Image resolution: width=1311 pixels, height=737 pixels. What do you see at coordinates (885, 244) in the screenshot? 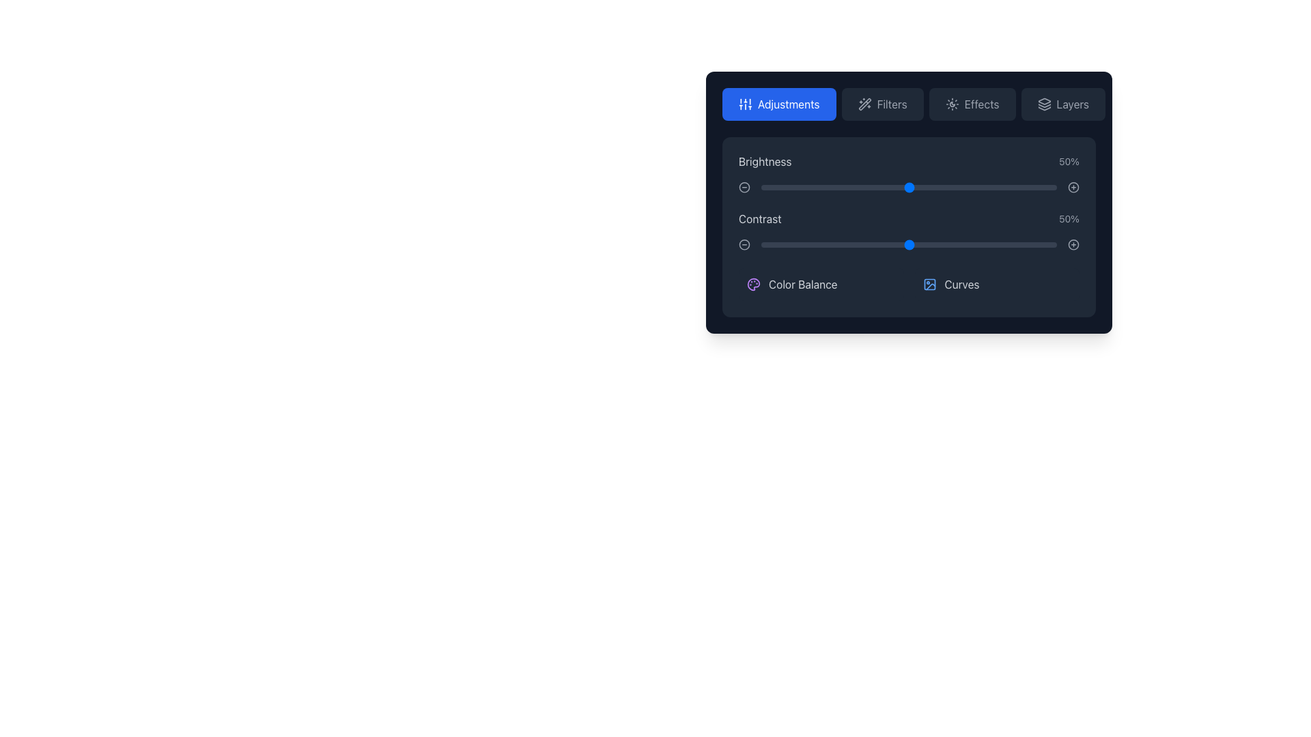
I see `the contrast level` at bounding box center [885, 244].